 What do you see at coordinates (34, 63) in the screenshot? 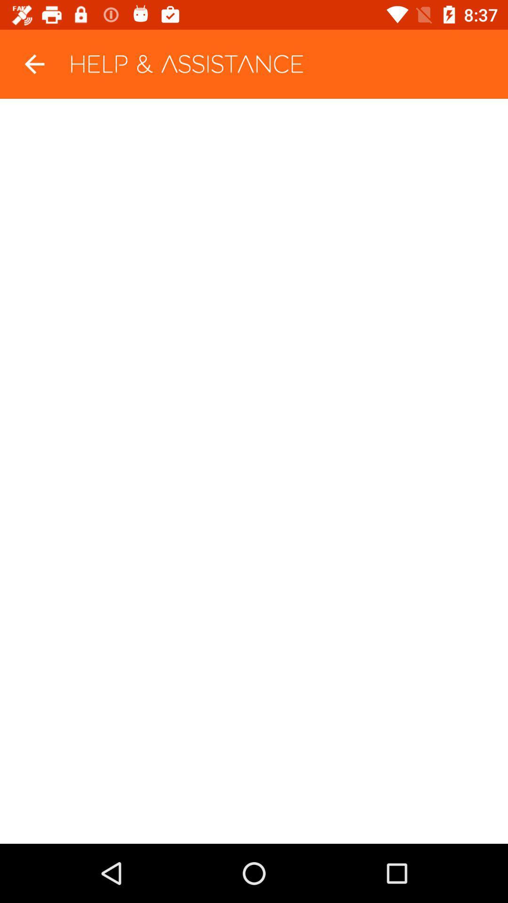
I see `the item at the top left corner` at bounding box center [34, 63].